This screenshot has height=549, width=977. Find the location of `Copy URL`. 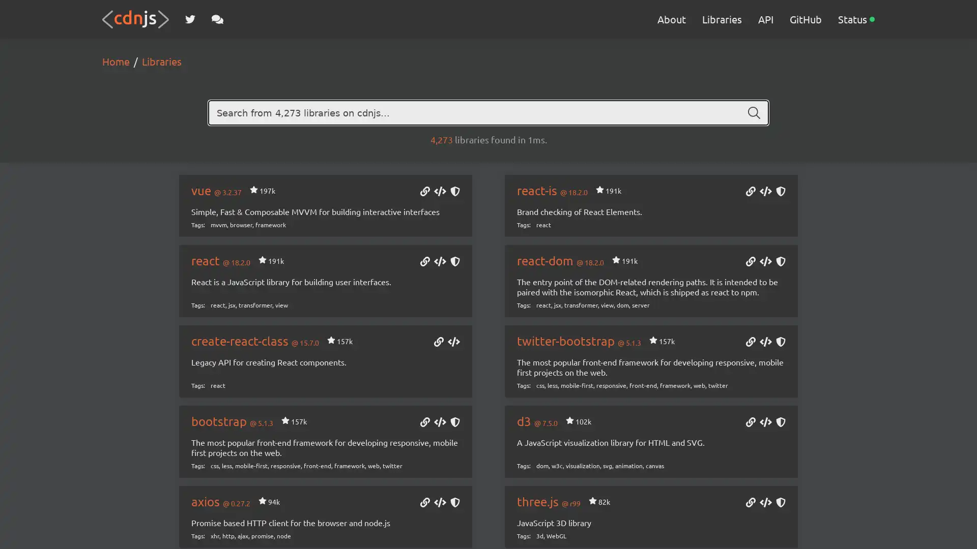

Copy URL is located at coordinates (750, 343).